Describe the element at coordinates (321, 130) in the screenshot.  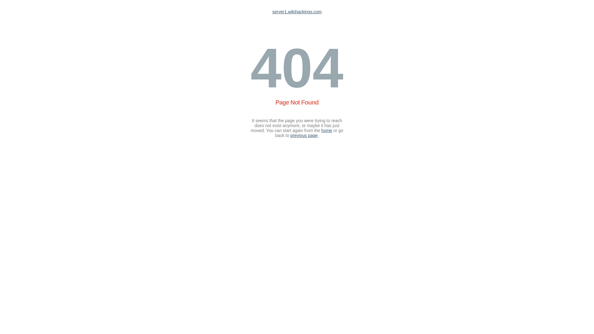
I see `'home'` at that location.